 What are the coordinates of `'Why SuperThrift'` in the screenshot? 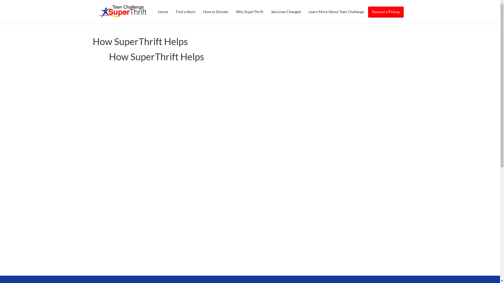 It's located at (249, 12).